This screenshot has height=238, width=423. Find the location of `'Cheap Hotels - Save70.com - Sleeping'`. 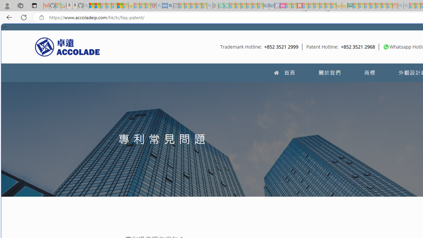

'Cheap Hotels - Save70.com - Sleeping' is located at coordinates (271, 6).